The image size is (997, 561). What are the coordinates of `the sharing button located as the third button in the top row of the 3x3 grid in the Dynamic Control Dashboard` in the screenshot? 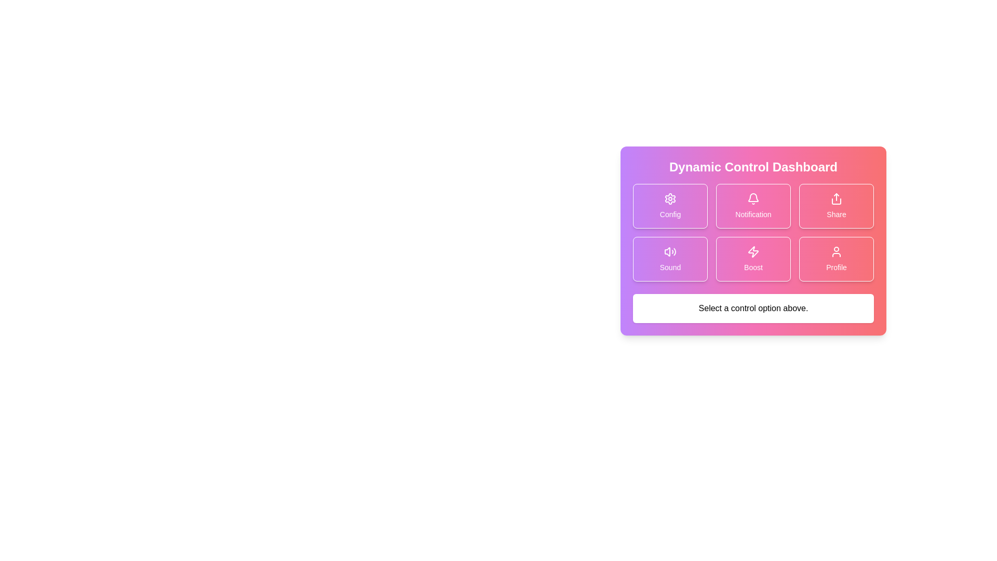 It's located at (837, 206).